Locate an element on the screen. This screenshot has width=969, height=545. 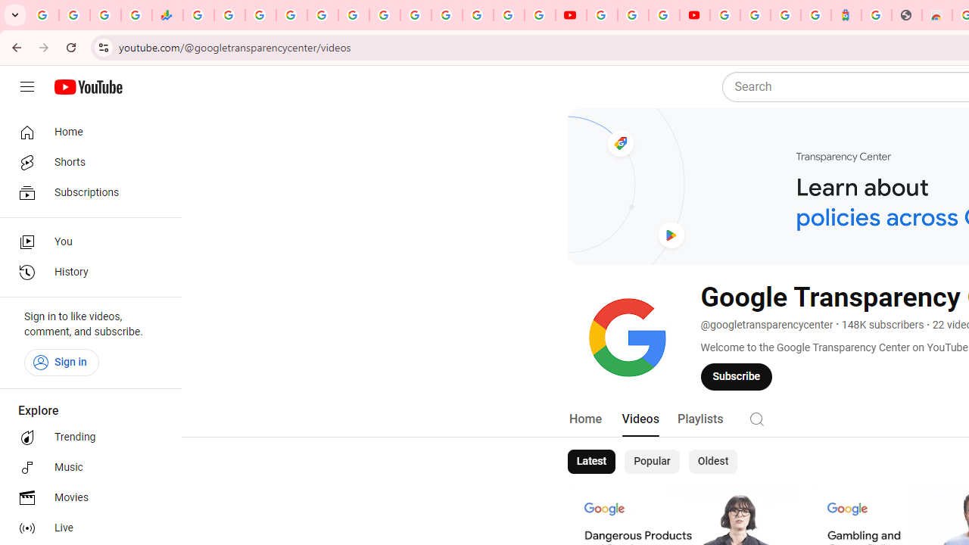
'Atour Hotel - Google hotels' is located at coordinates (846, 15).